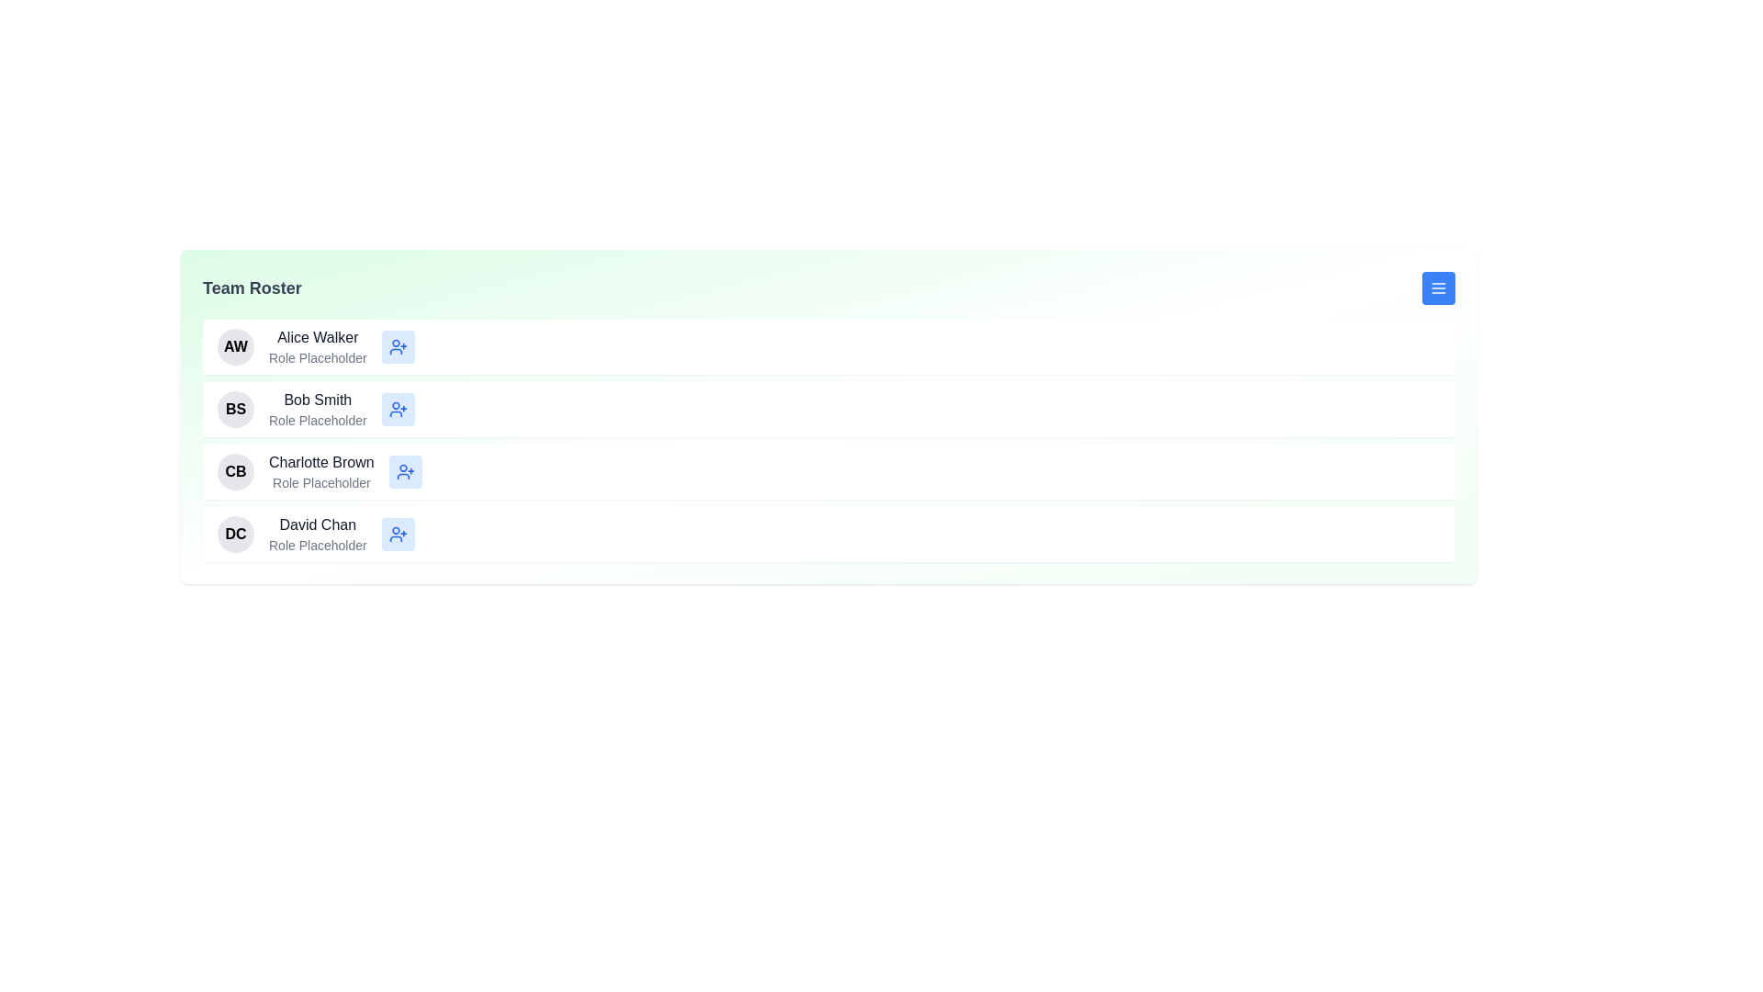 This screenshot has height=992, width=1763. Describe the element at coordinates (404, 470) in the screenshot. I see `the icon associated with the 'Charlotte Brown' list item` at that location.